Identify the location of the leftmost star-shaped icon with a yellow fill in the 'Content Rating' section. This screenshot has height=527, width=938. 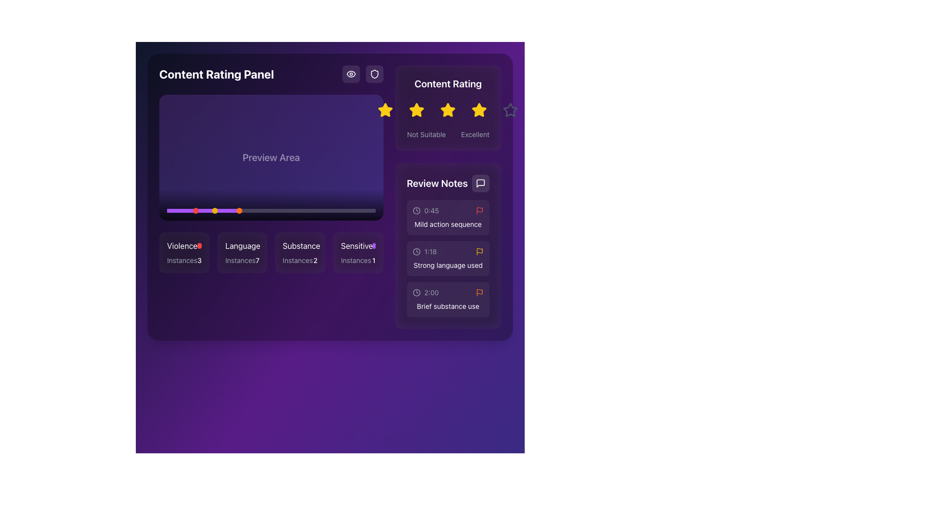
(385, 110).